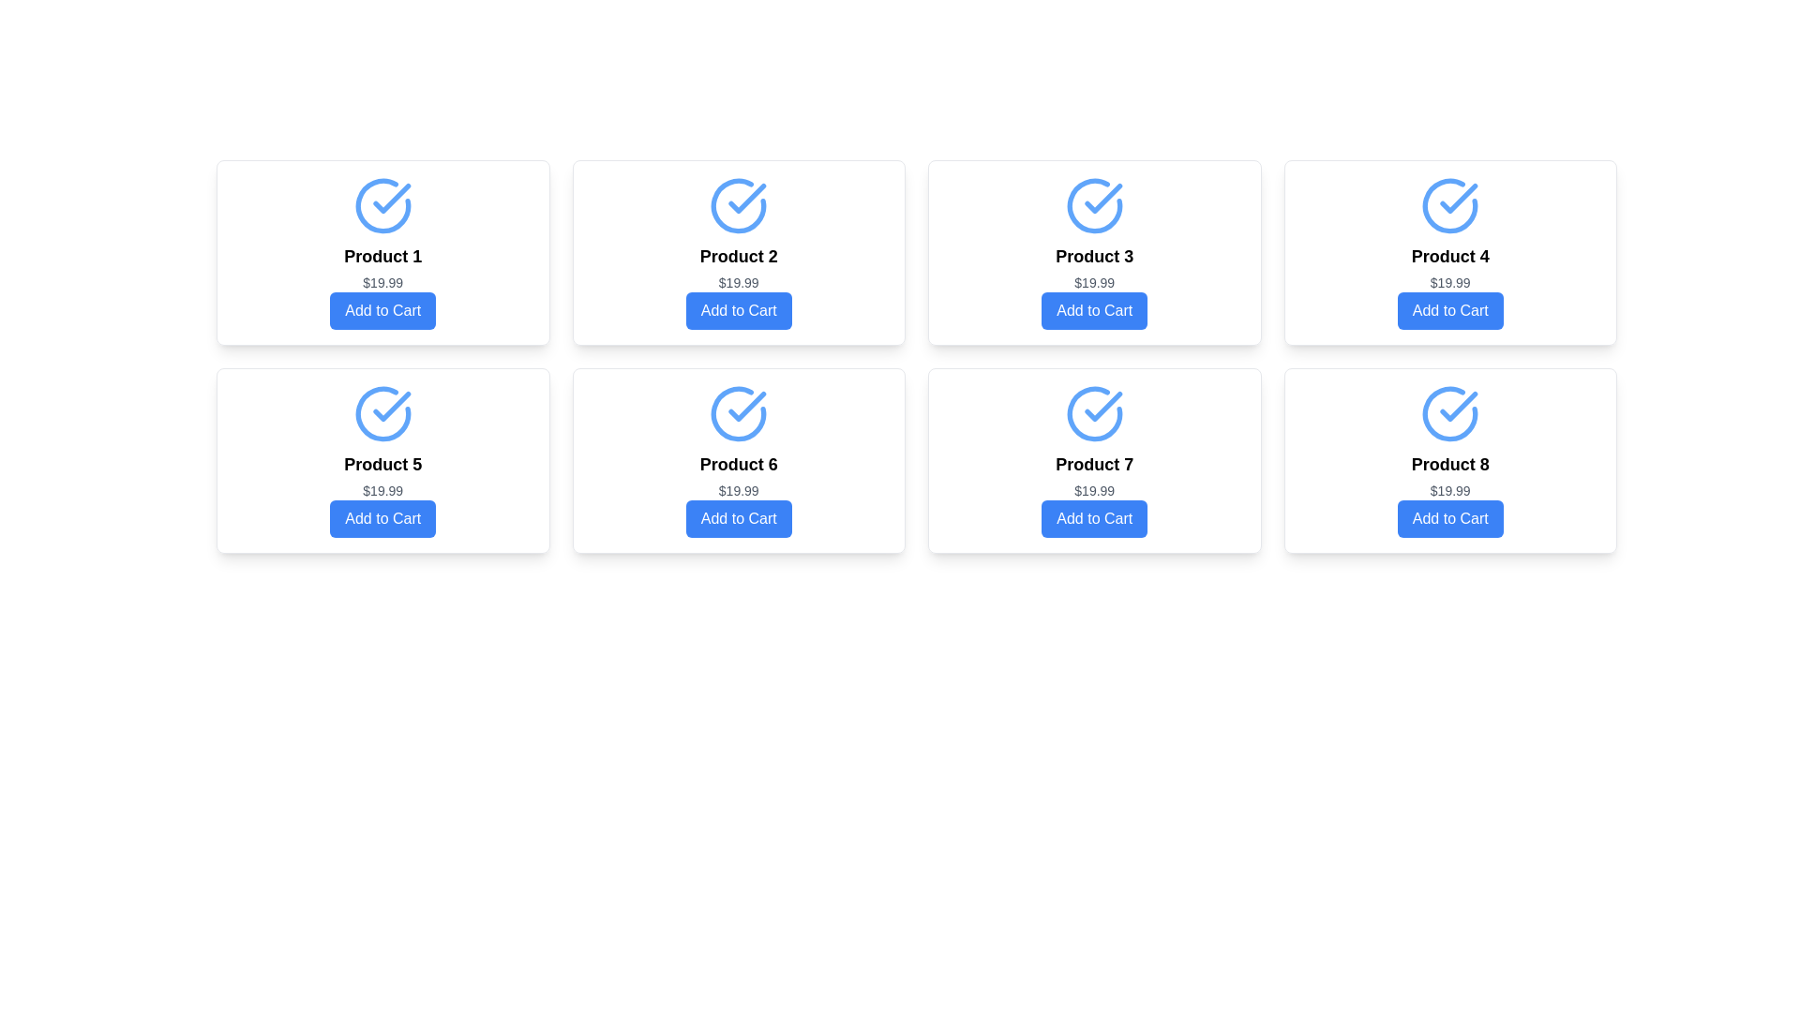 The image size is (1800, 1012). Describe the element at coordinates (738, 282) in the screenshot. I see `the static text label displaying the price '$19.99' located beneath the title 'Product 2' and above the 'Add to Cart' button in the second card of the first row` at that location.